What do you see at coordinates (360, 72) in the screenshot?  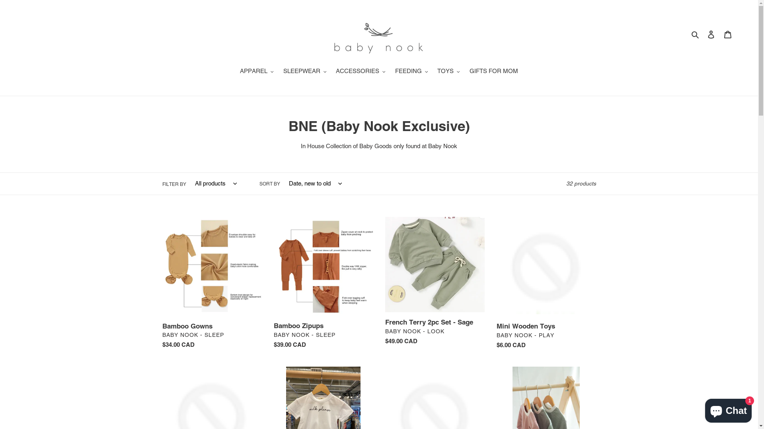 I see `'ACCESSORIES'` at bounding box center [360, 72].